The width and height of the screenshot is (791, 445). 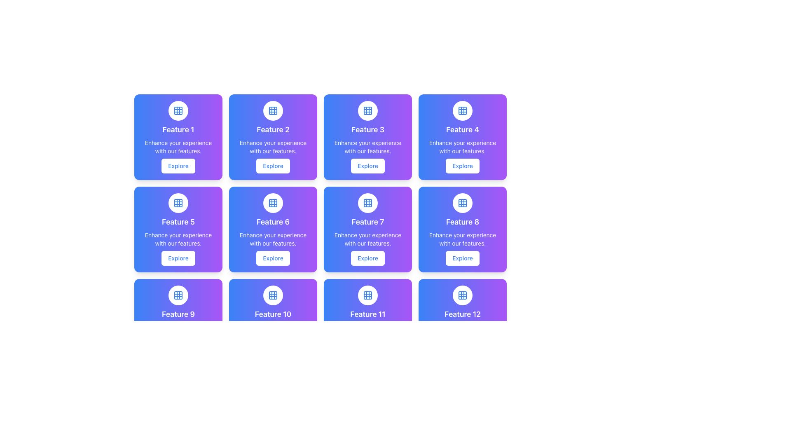 I want to click on the static text label that serves as a title within the fourth card in the first row of a grid layout, positioned beneath a grid icon and above a smaller text description and button labeled 'Explore', so click(x=463, y=130).